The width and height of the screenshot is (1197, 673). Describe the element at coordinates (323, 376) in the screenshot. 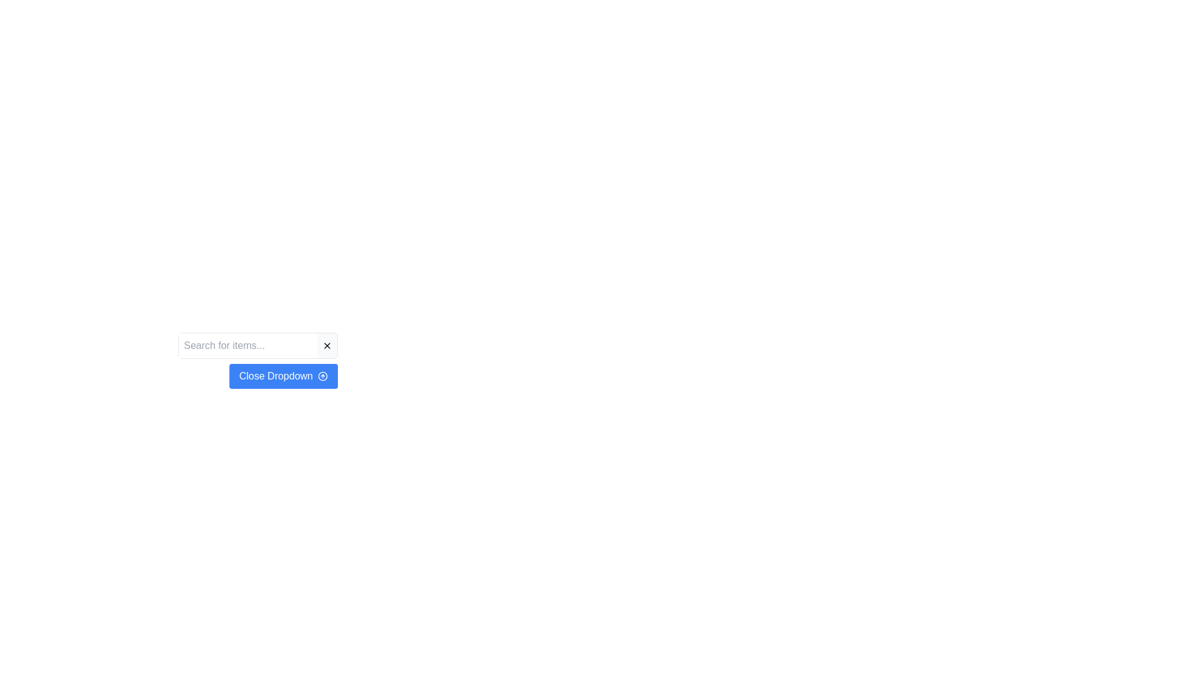

I see `the circular part of the upward arrow icon located to the right of the 'Close Dropdown' button` at that location.